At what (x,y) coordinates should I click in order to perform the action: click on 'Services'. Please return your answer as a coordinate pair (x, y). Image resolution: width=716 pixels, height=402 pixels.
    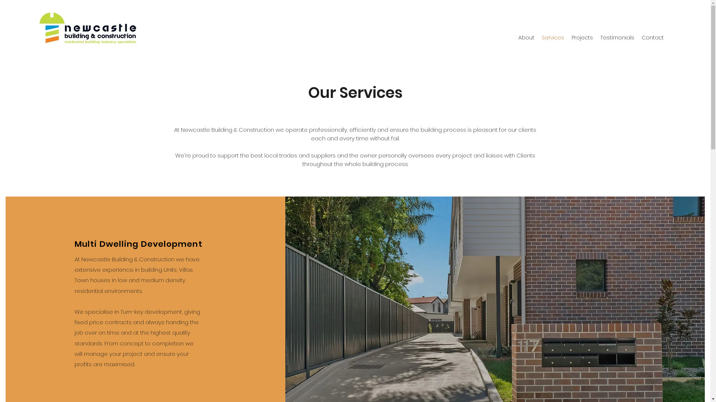
    Looking at the image, I should click on (553, 38).